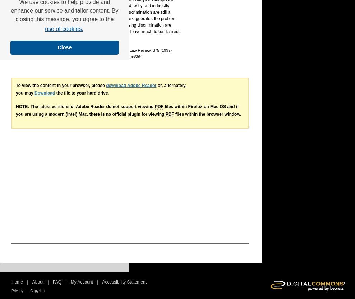 The width and height of the screenshot is (355, 299). What do you see at coordinates (34, 93) in the screenshot?
I see `'Download'` at bounding box center [34, 93].